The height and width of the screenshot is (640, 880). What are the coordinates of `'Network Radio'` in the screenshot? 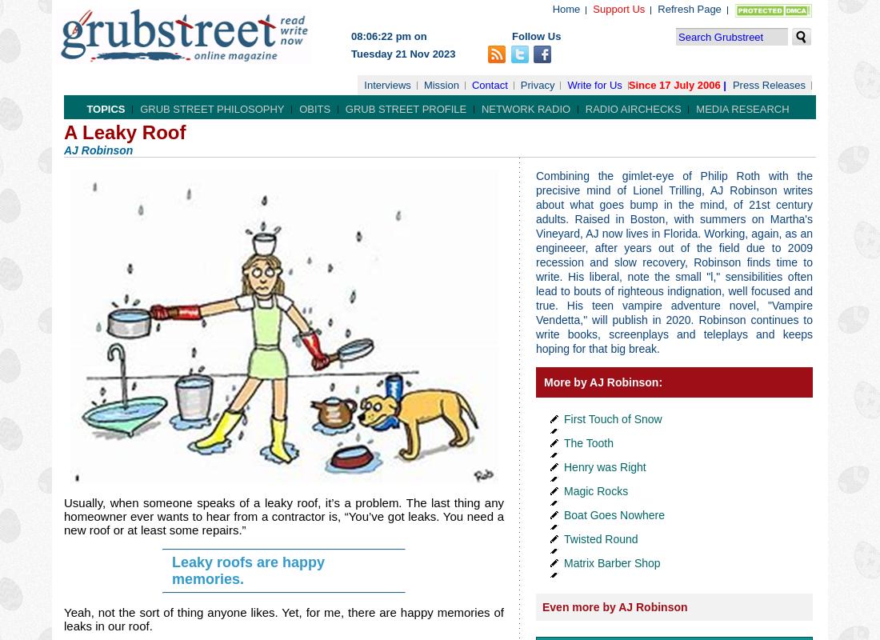 It's located at (526, 109).